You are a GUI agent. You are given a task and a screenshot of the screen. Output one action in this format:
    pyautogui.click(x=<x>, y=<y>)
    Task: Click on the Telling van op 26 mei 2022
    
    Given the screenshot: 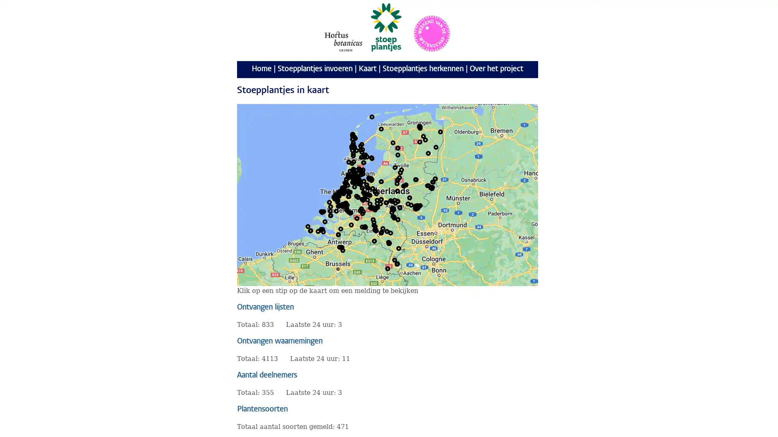 What is the action you would take?
    pyautogui.click(x=339, y=195)
    